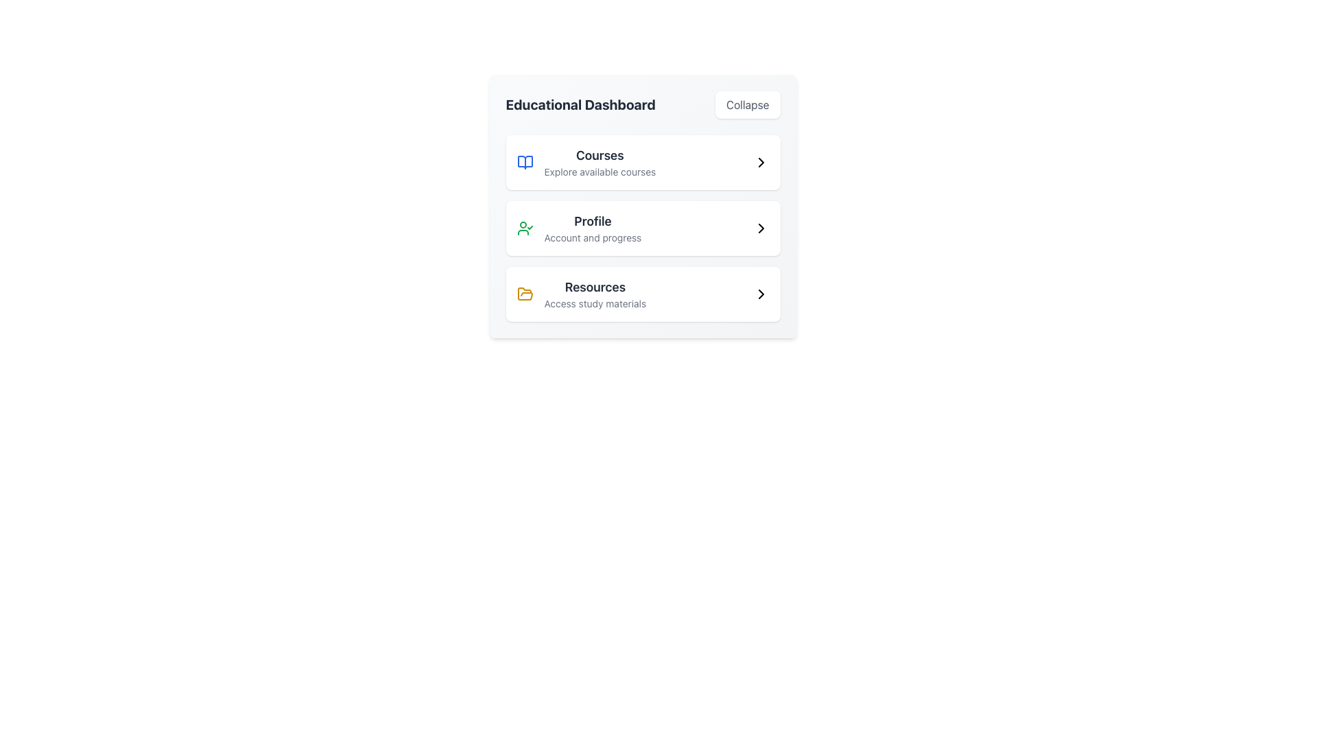 This screenshot has width=1317, height=741. What do you see at coordinates (524, 161) in the screenshot?
I see `the minimalist book icon located in the 'Courses' section of the educational dashboard, positioned near the top-left corner, aligned with the text 'Courses'` at bounding box center [524, 161].